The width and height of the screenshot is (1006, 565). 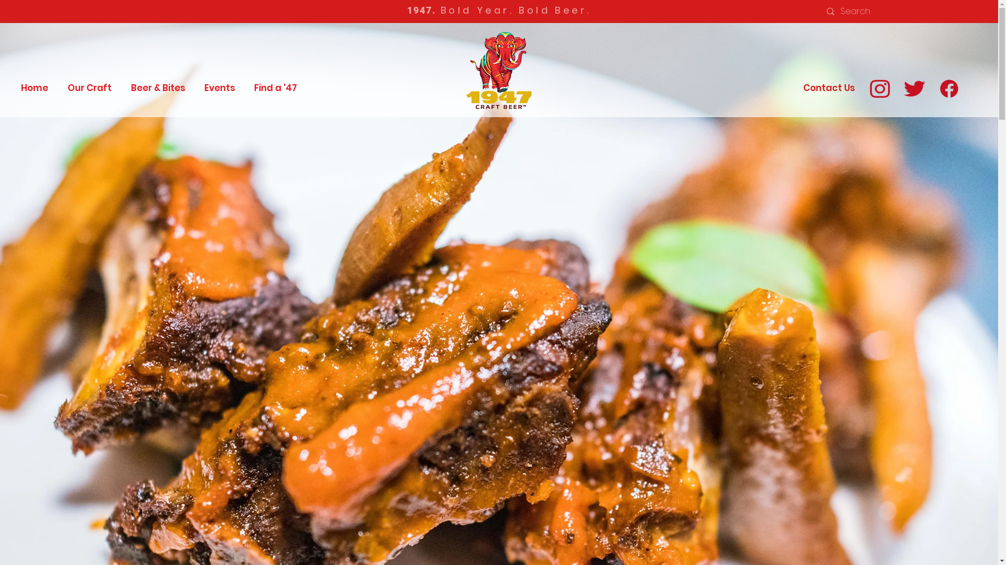 I want to click on '1947 Craft Beer Logo', so click(x=457, y=70).